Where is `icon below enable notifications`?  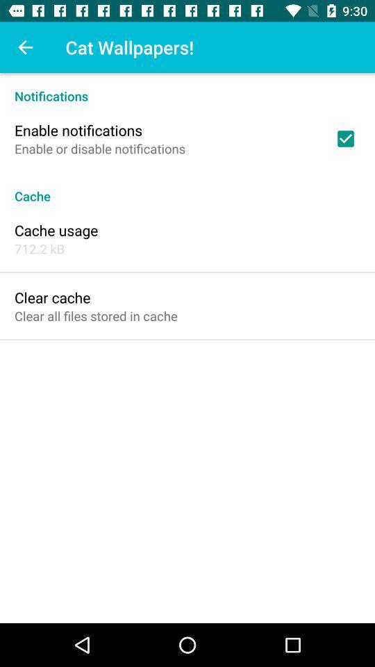
icon below enable notifications is located at coordinates (99, 149).